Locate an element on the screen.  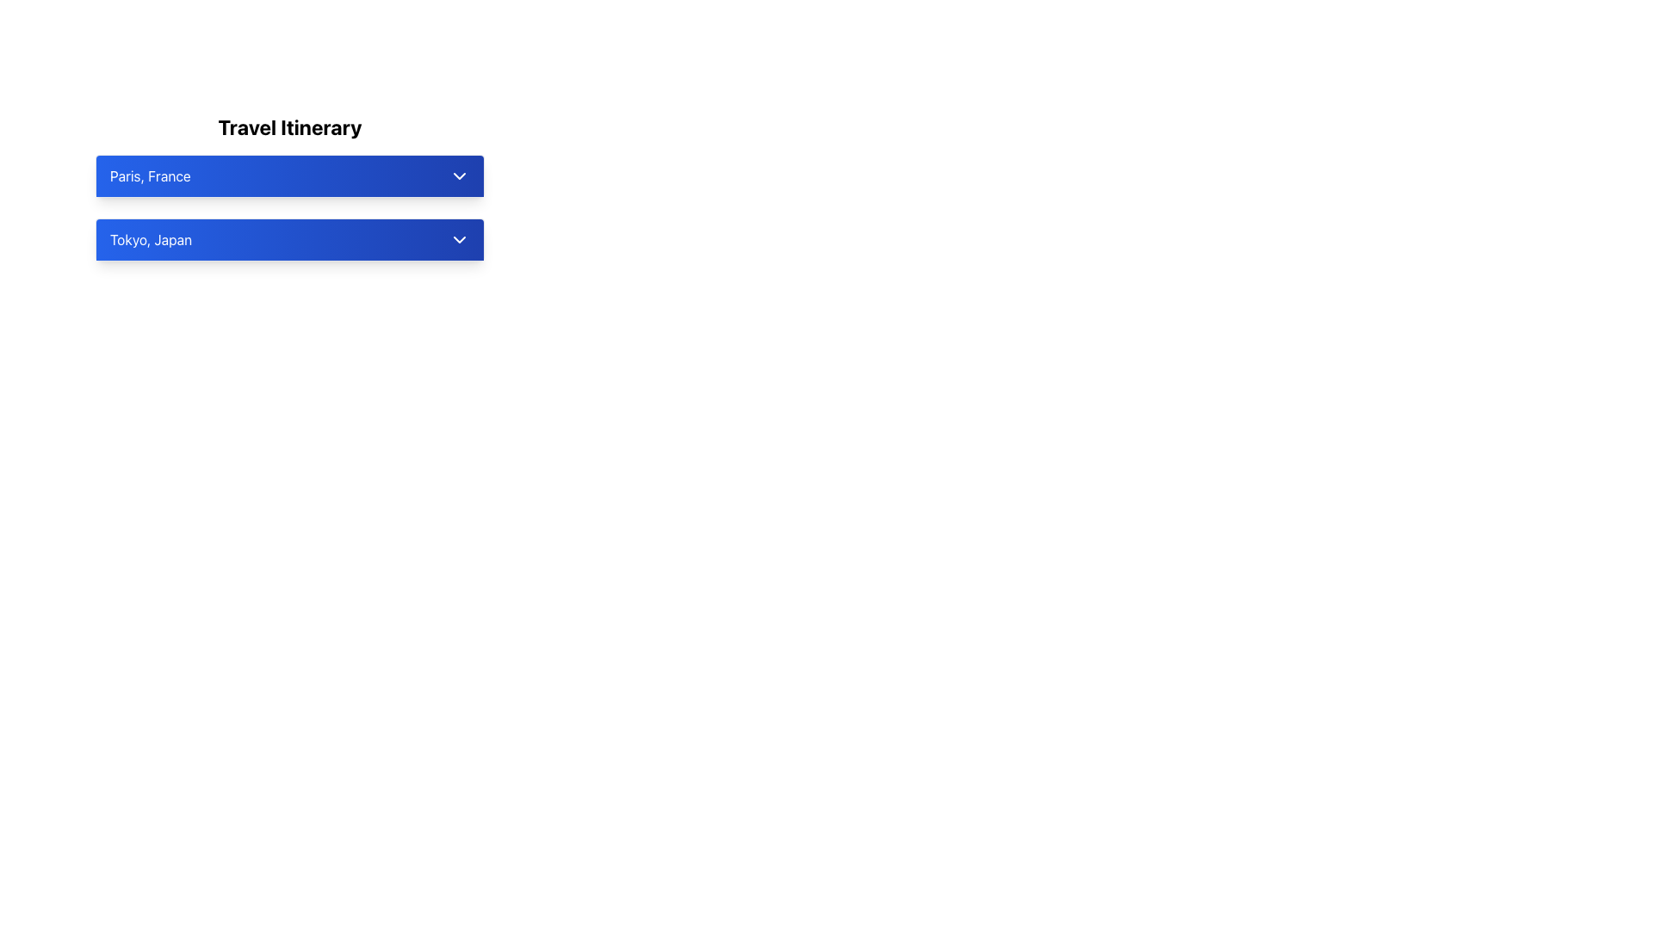
the dropdown indicator icon at the right end of the blue bar containing 'Paris, France' is located at coordinates (459, 175).